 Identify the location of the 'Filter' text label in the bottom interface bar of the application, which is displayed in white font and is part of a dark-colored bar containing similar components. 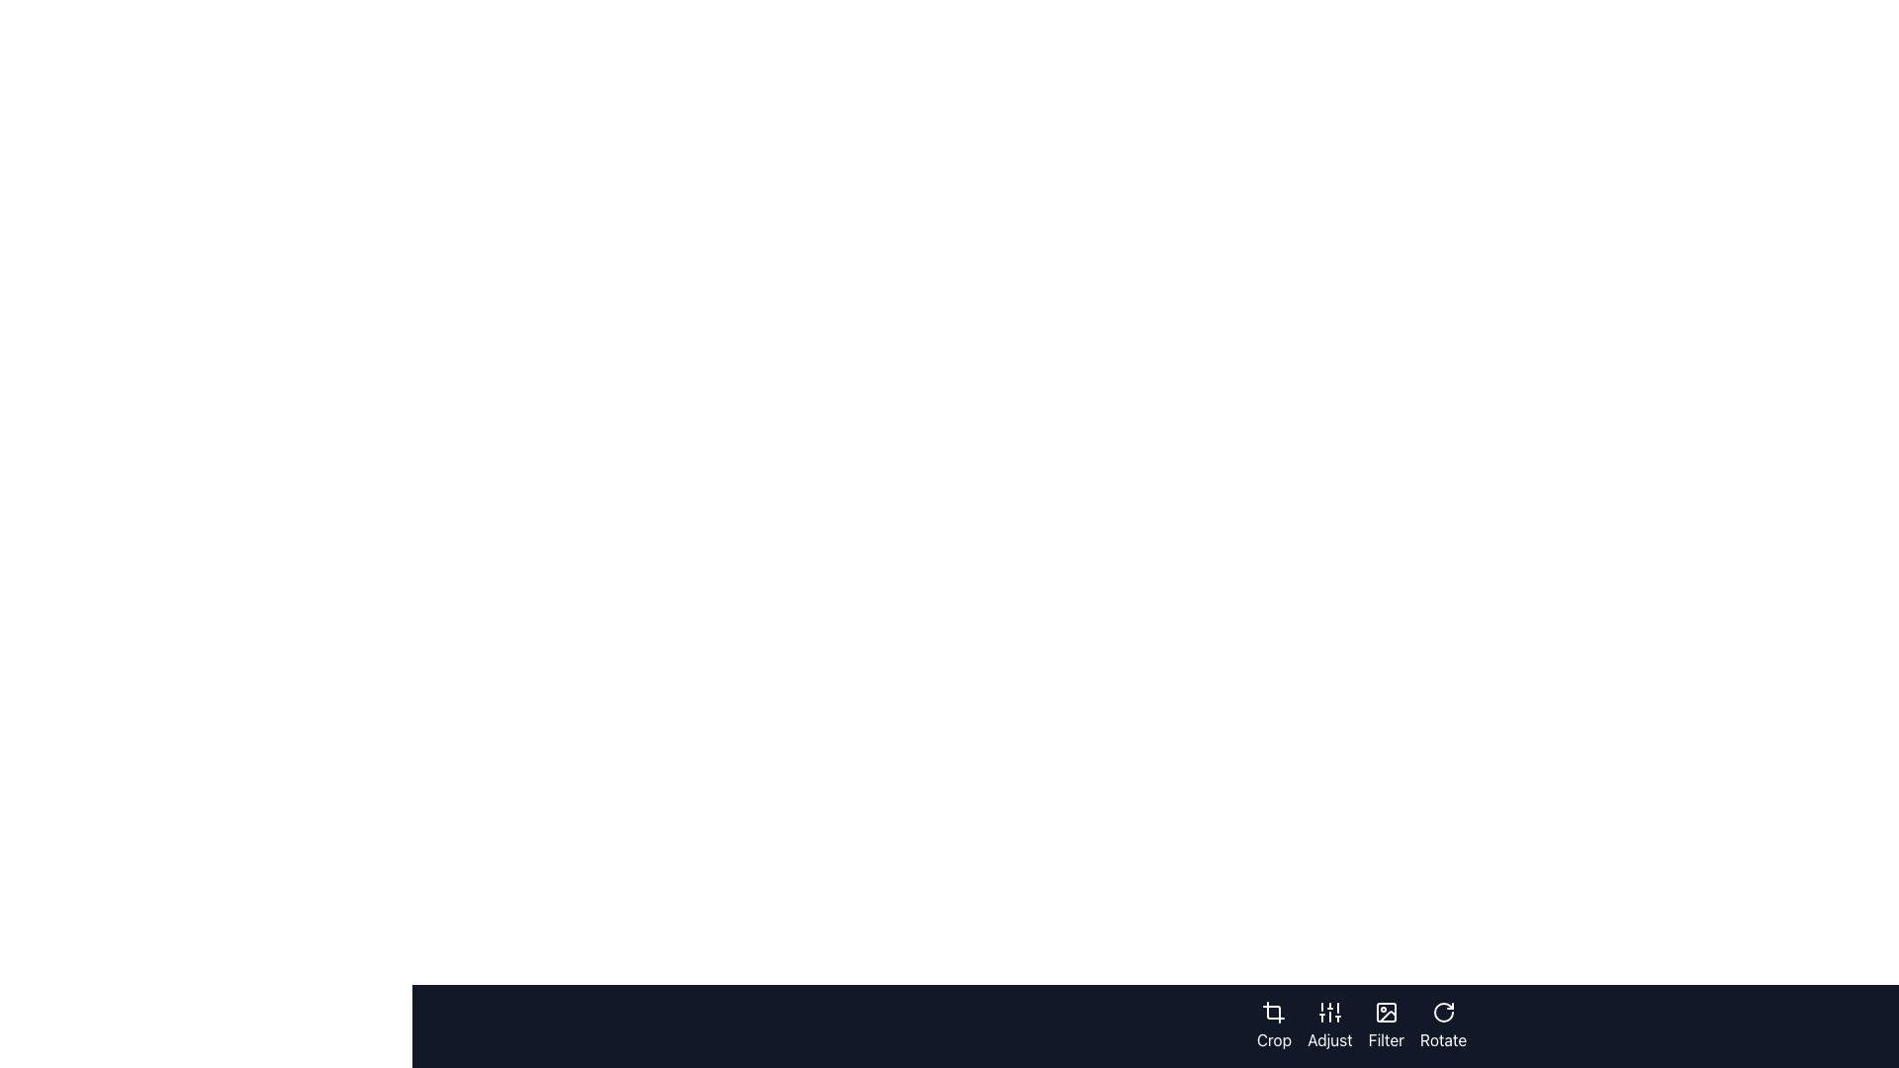
(1385, 1039).